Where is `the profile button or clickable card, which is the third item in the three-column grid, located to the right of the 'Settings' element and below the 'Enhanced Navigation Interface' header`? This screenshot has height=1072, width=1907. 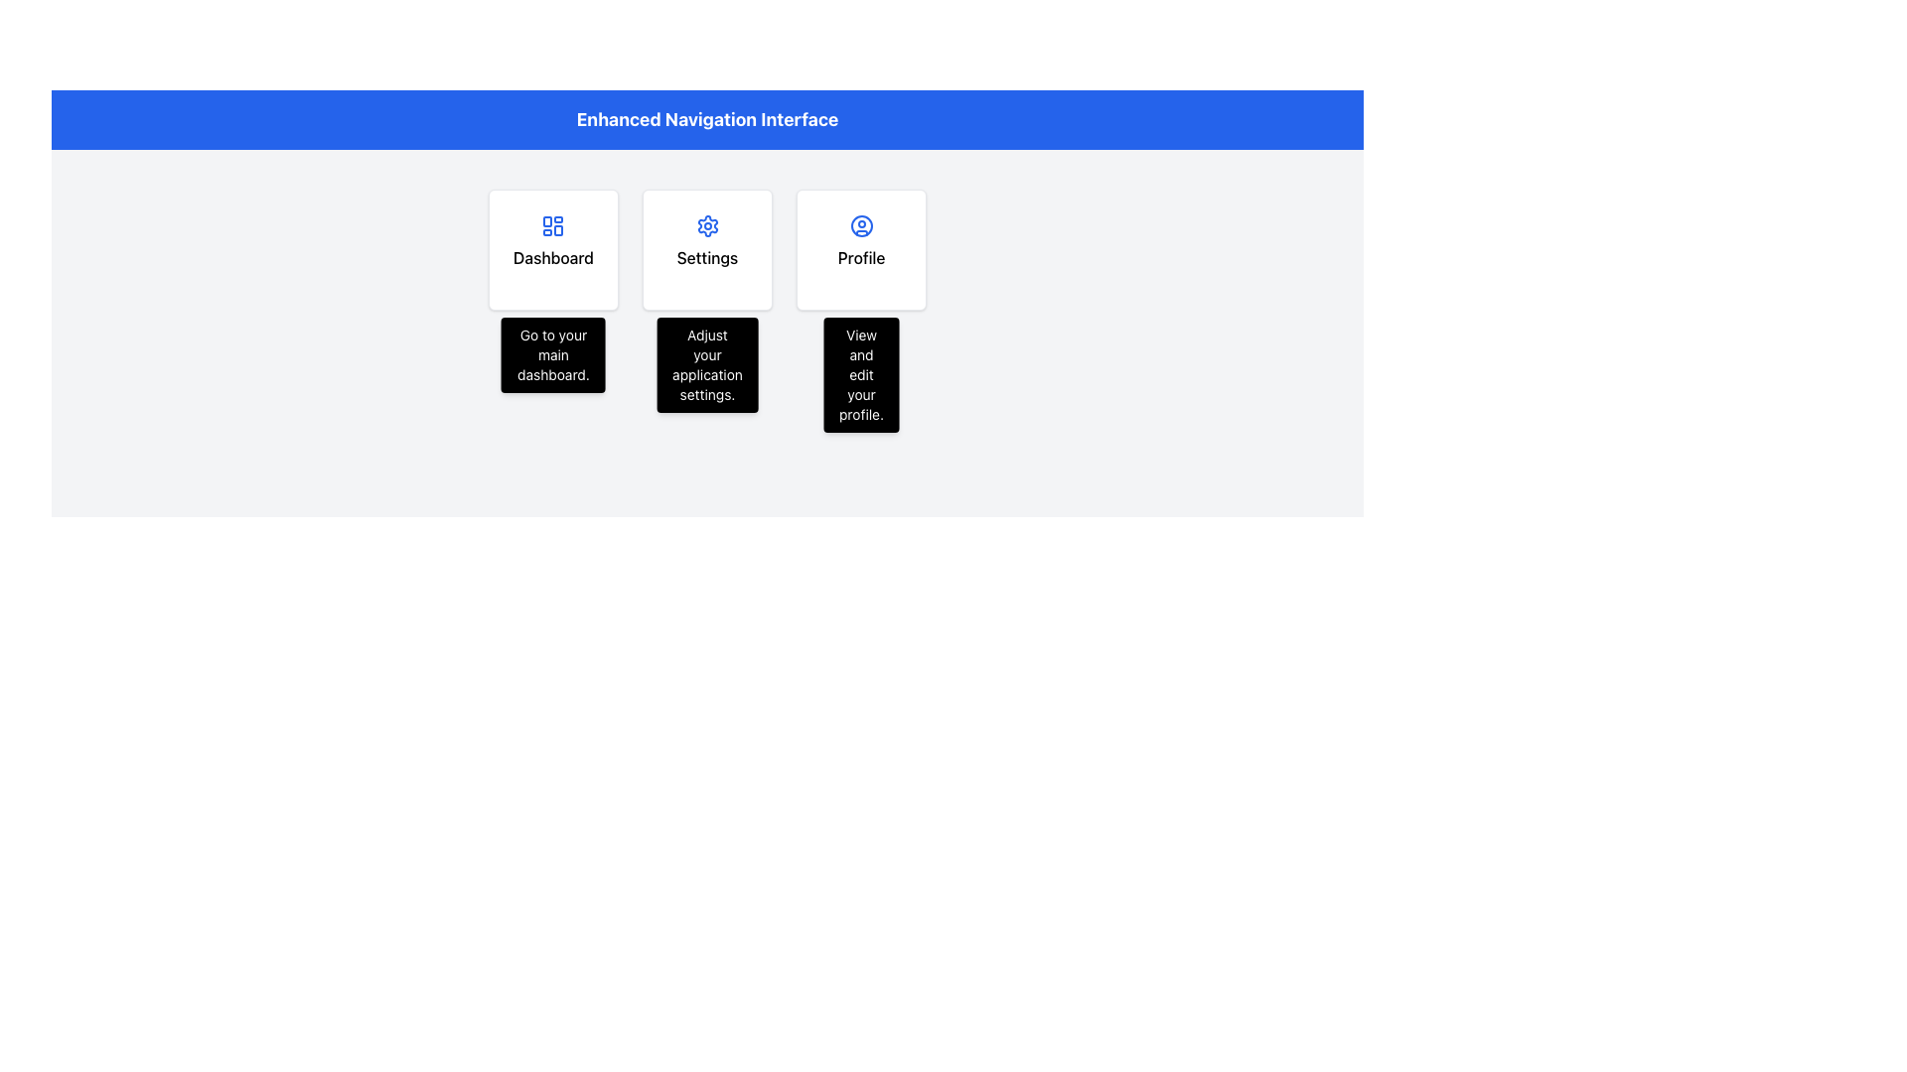 the profile button or clickable card, which is the third item in the three-column grid, located to the right of the 'Settings' element and below the 'Enhanced Navigation Interface' header is located at coordinates (861, 248).